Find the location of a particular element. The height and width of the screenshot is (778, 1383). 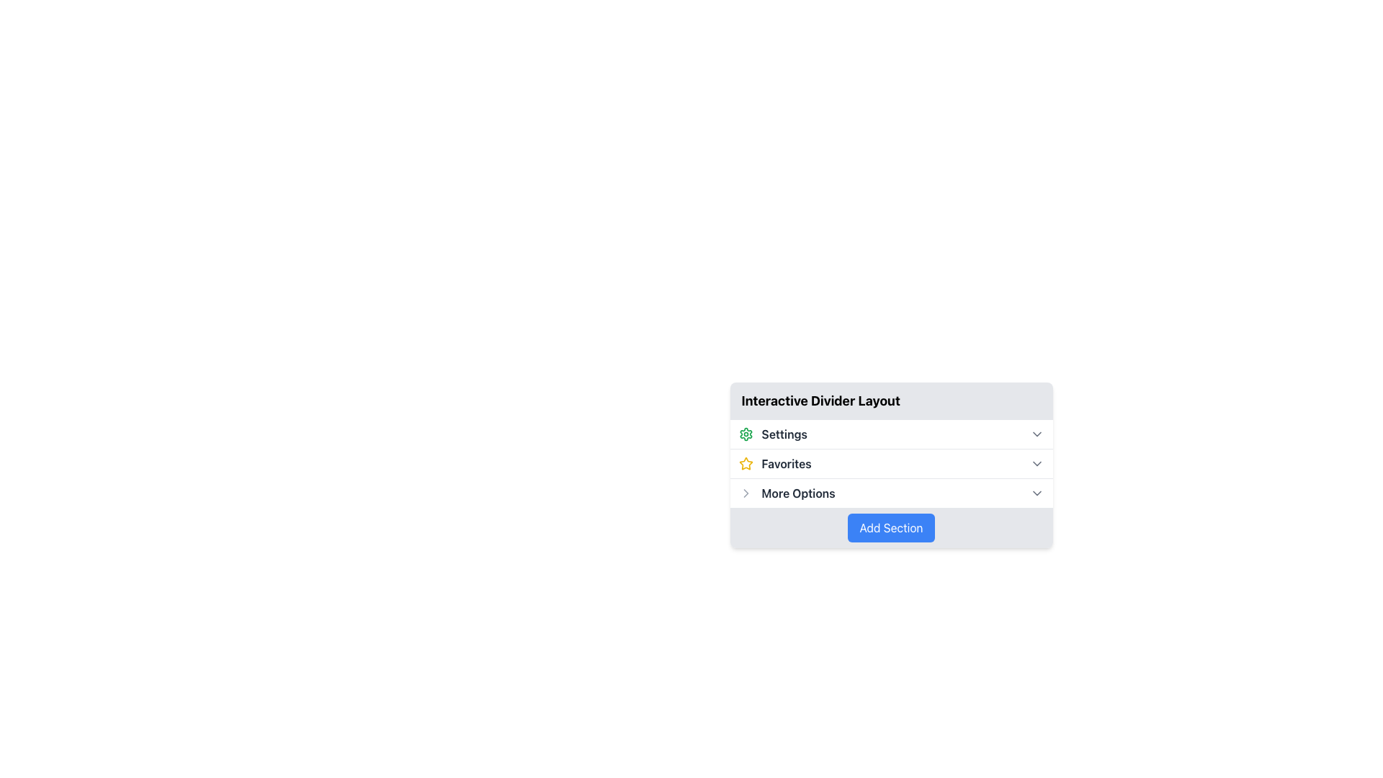

the 'More Options' text label, which is styled in medium font weight and dark gray color, located in the third row of the menu within the 'Interactive Divider Layout' is located at coordinates (797, 493).